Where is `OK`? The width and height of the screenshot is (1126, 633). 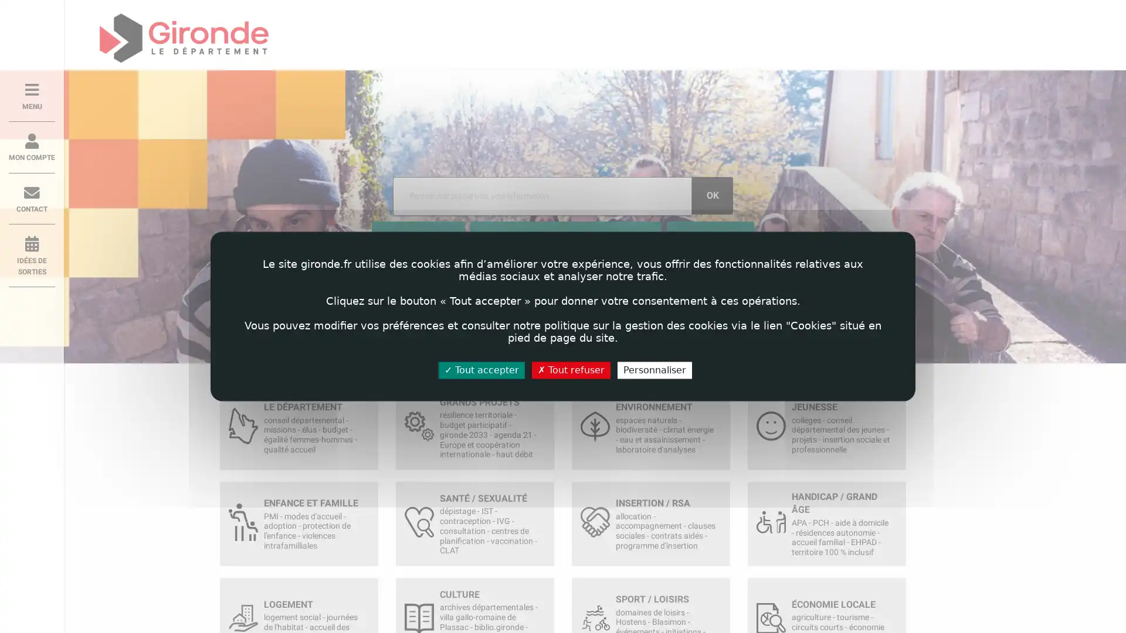
OK is located at coordinates (711, 195).